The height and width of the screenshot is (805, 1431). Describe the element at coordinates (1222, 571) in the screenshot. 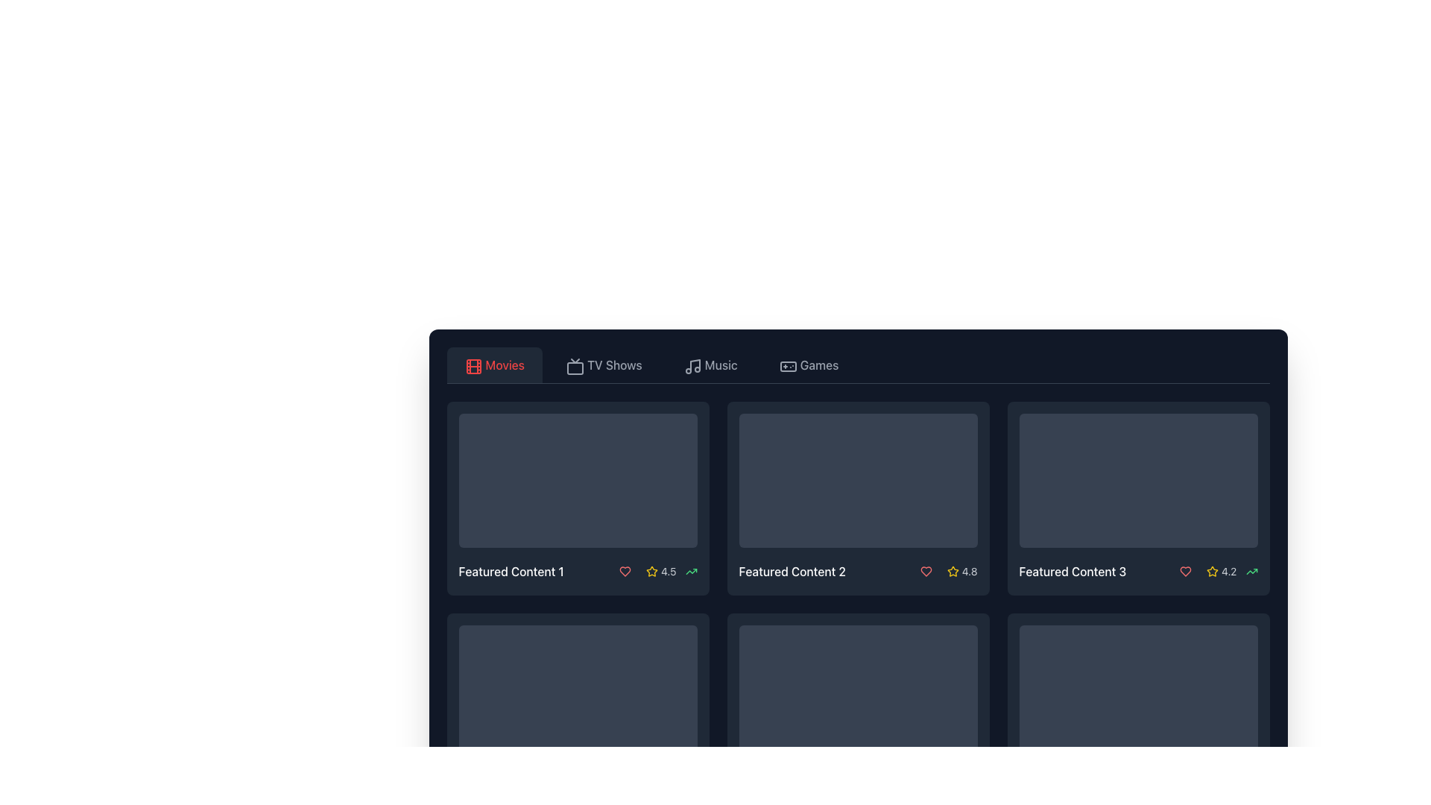

I see `the rating representation element, which consists of a yellow star icon and the text '4.2' in gray, located in the bottom right portion of the 'Featured Content 3' card` at that location.